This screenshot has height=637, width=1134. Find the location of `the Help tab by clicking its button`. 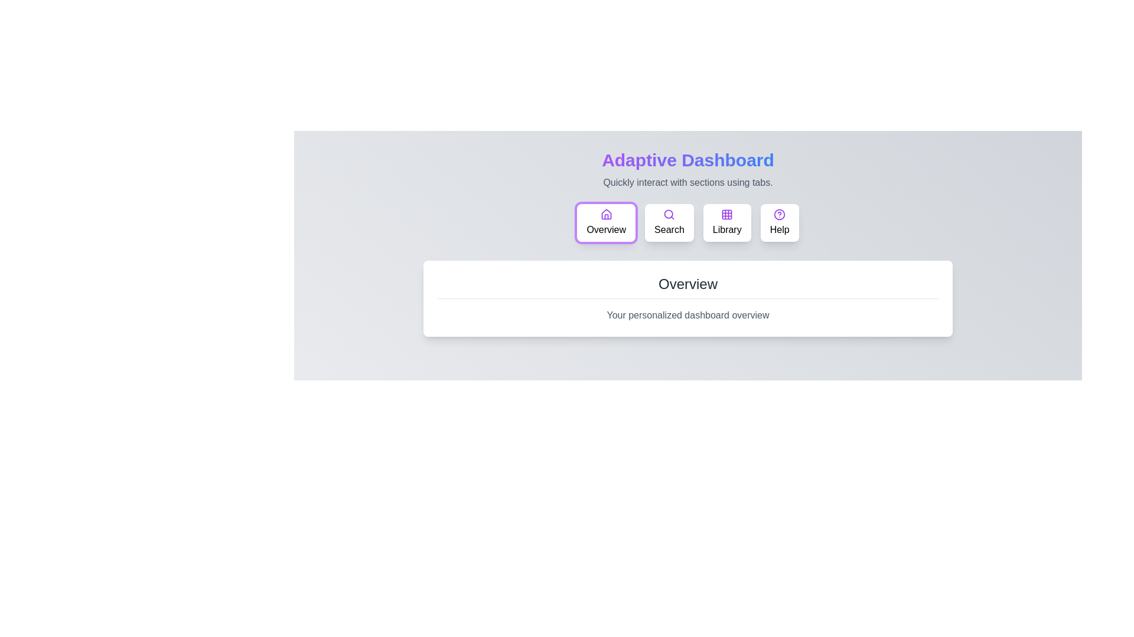

the Help tab by clicking its button is located at coordinates (780, 223).